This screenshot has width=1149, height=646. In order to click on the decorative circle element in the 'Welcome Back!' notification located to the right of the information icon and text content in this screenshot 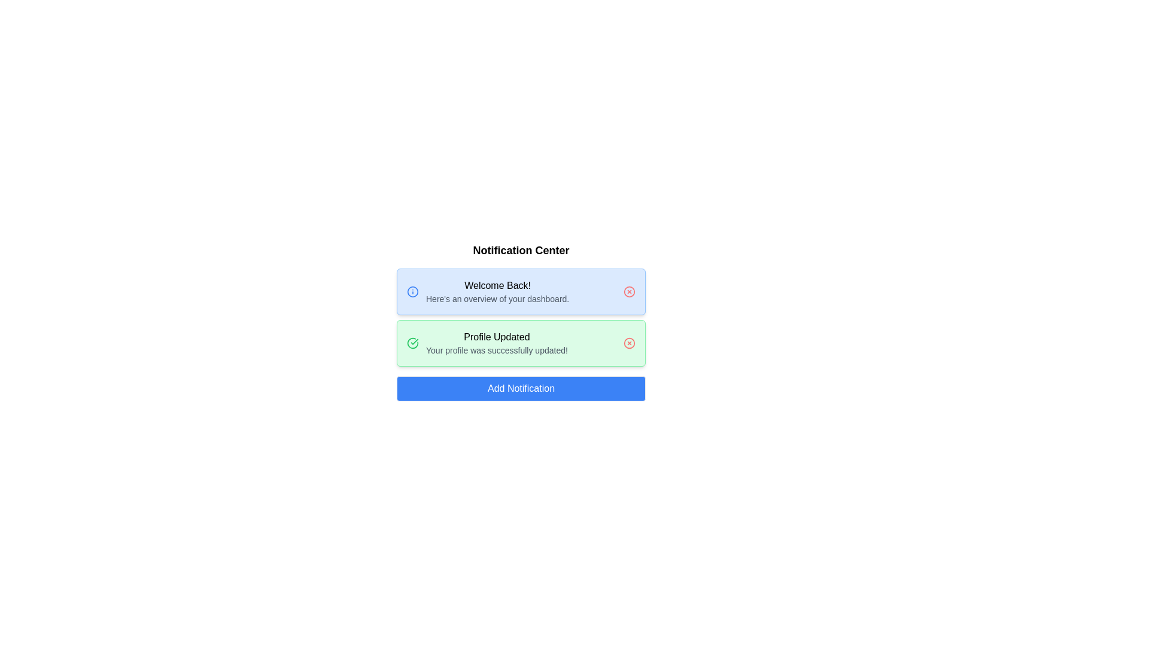, I will do `click(628, 292)`.